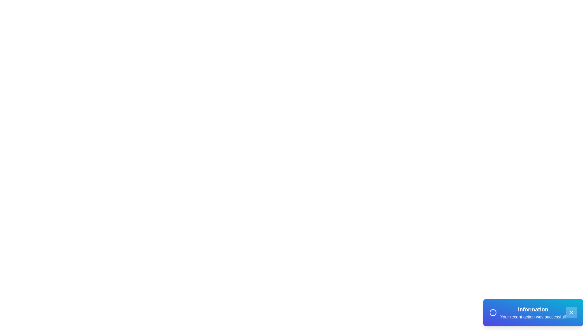  What do you see at coordinates (571, 312) in the screenshot?
I see `close button to hide the snackbar` at bounding box center [571, 312].